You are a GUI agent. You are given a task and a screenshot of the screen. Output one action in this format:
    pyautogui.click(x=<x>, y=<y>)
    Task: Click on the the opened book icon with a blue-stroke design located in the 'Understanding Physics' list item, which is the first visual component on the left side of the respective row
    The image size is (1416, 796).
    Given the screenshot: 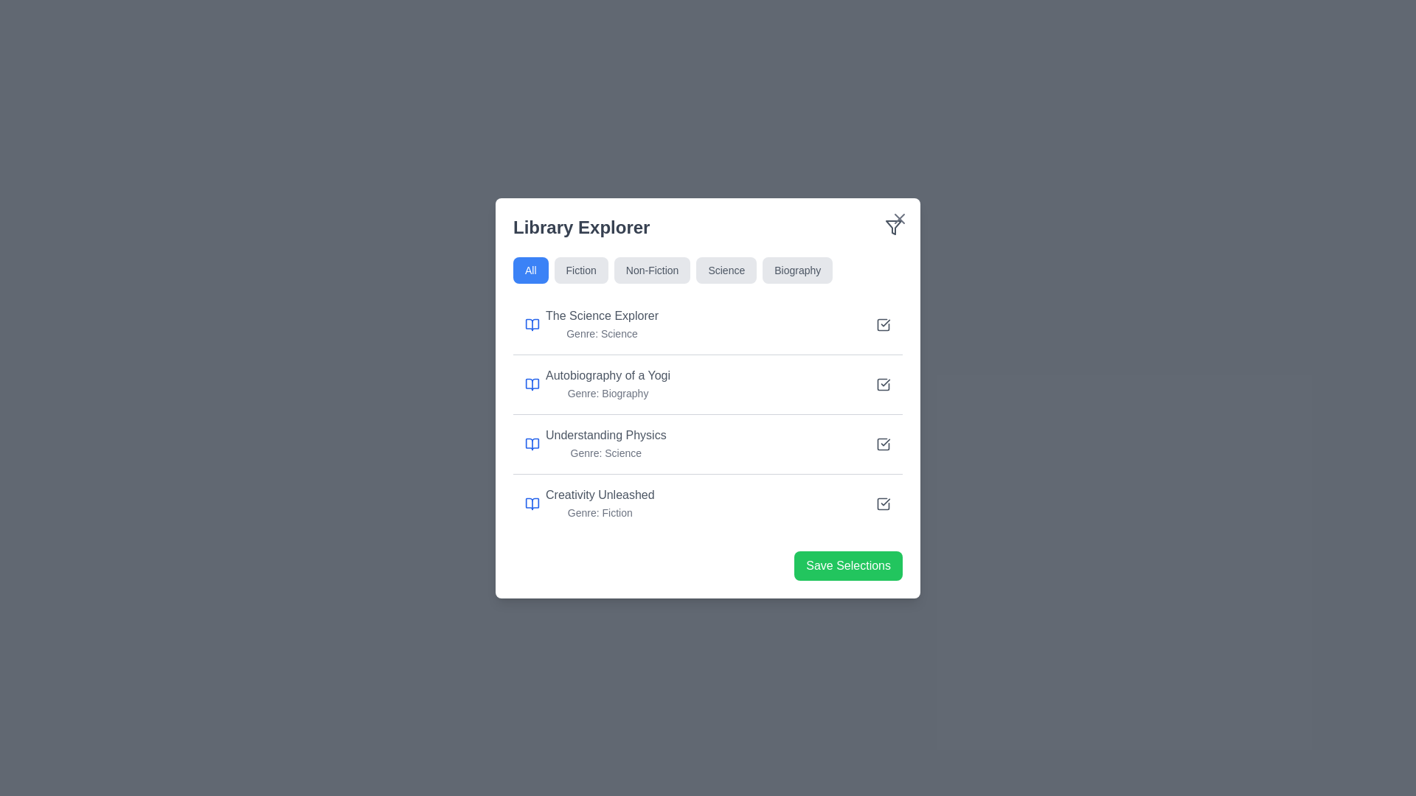 What is the action you would take?
    pyautogui.click(x=531, y=443)
    